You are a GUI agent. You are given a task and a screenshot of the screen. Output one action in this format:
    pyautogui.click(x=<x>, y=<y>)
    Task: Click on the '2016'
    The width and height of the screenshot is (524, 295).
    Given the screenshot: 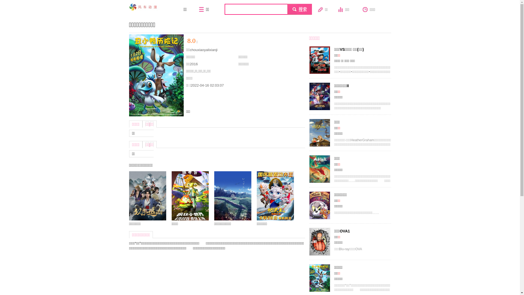 What is the action you would take?
    pyautogui.click(x=194, y=64)
    